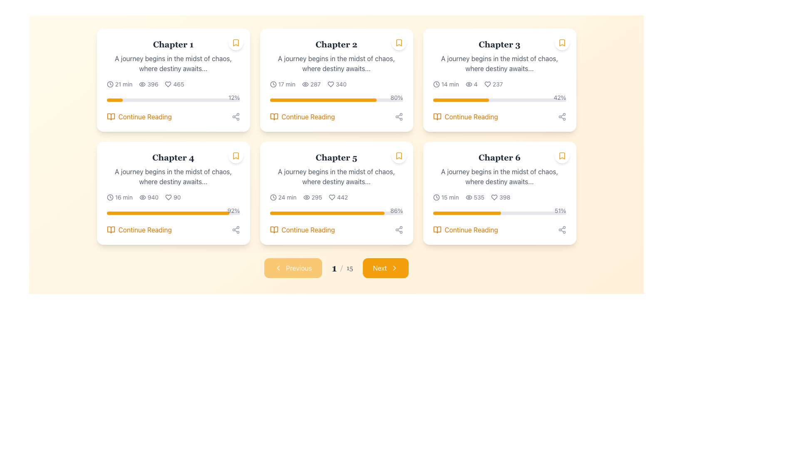 The width and height of the screenshot is (799, 449). I want to click on the progress on the progress bar located in the 'Chapter 2' card, which is styled with a gray background and an amber filled section representing 80% completion, so click(336, 99).